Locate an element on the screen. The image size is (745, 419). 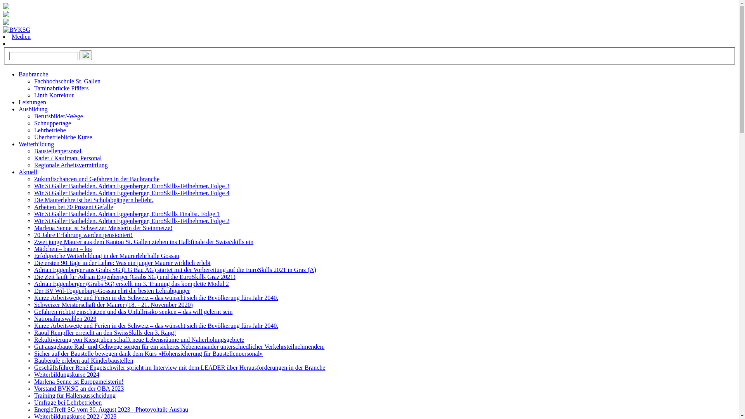
'70 Jahre Erfahrung werden pensioniert!' is located at coordinates (83, 234).